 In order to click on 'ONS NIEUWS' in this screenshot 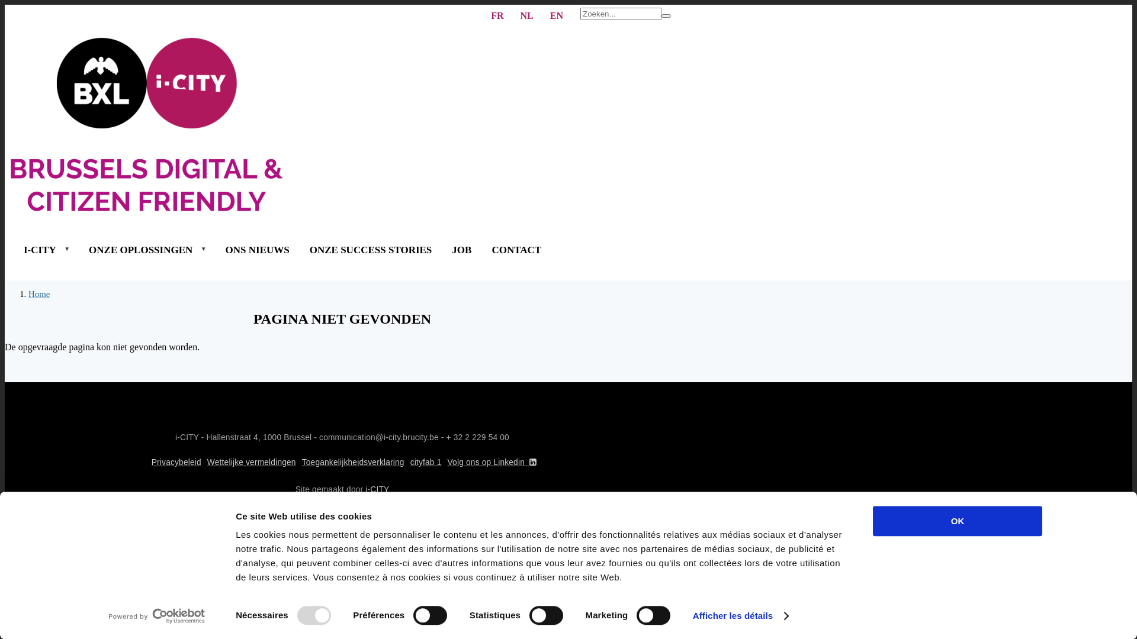, I will do `click(257, 249)`.